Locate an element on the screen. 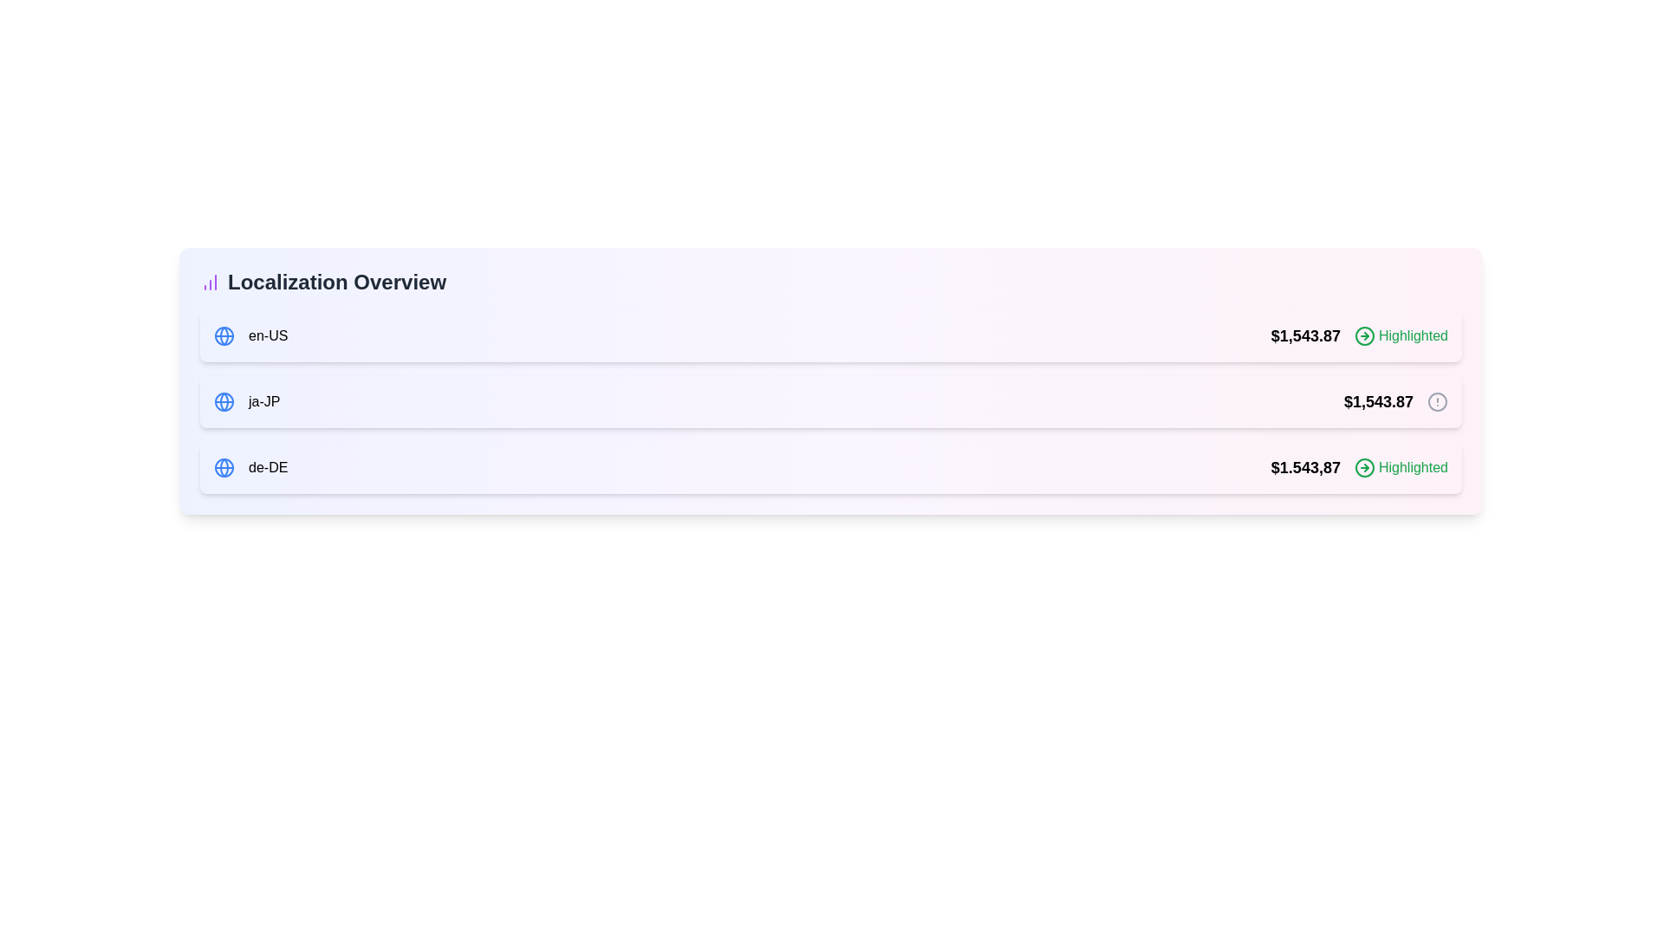  the alert indicator icon located in the second row of the list component, adjacent to the monetary value '$1,543.87' and aligned with the 'Highlighted' label is located at coordinates (1438, 401).